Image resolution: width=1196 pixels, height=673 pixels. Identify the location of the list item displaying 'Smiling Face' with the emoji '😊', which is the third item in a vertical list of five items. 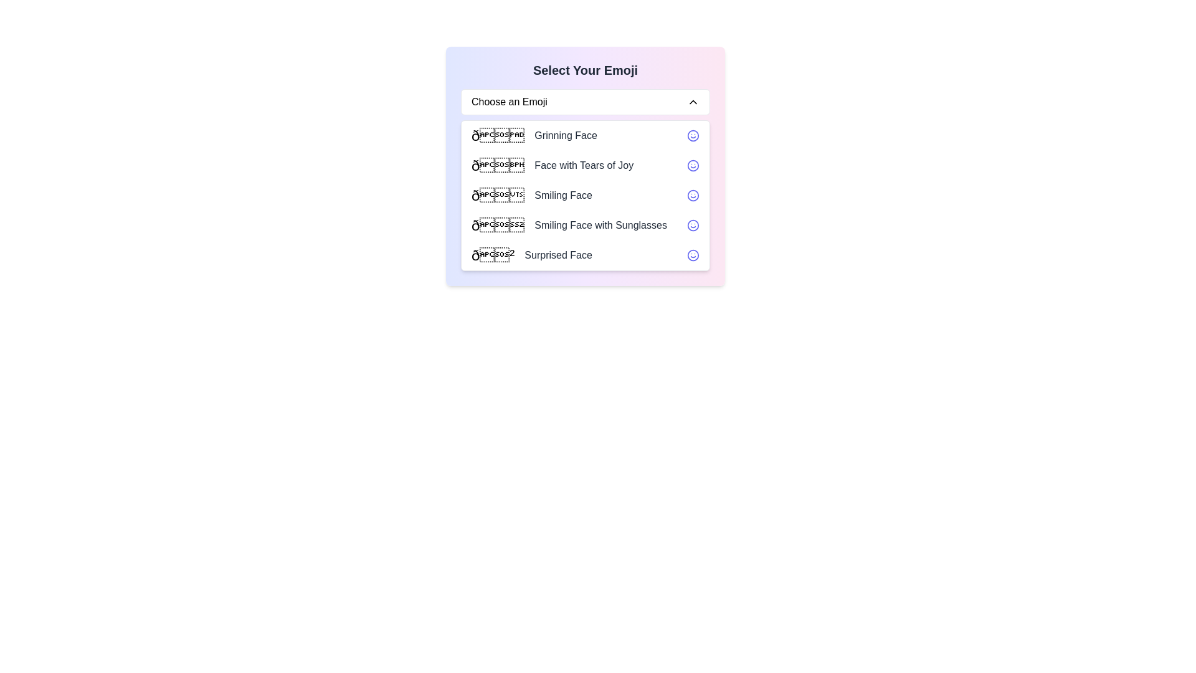
(585, 195).